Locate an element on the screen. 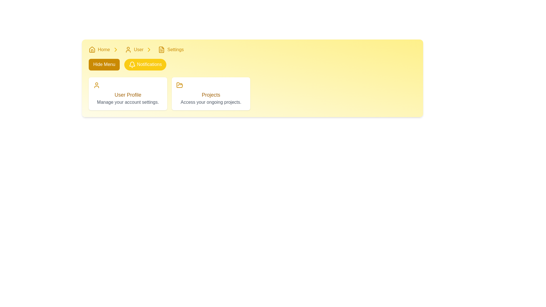  the breadcrumb navigation arrow icon located at the top-left of the interface, which indicates the transition between 'User' and 'Settings' is located at coordinates (149, 49).